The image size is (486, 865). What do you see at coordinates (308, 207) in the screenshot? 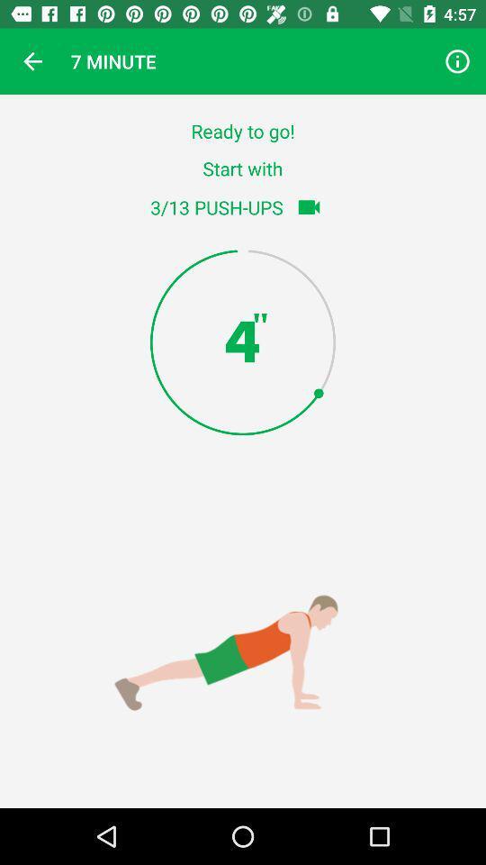
I see `icon to the right of 3 13 push` at bounding box center [308, 207].